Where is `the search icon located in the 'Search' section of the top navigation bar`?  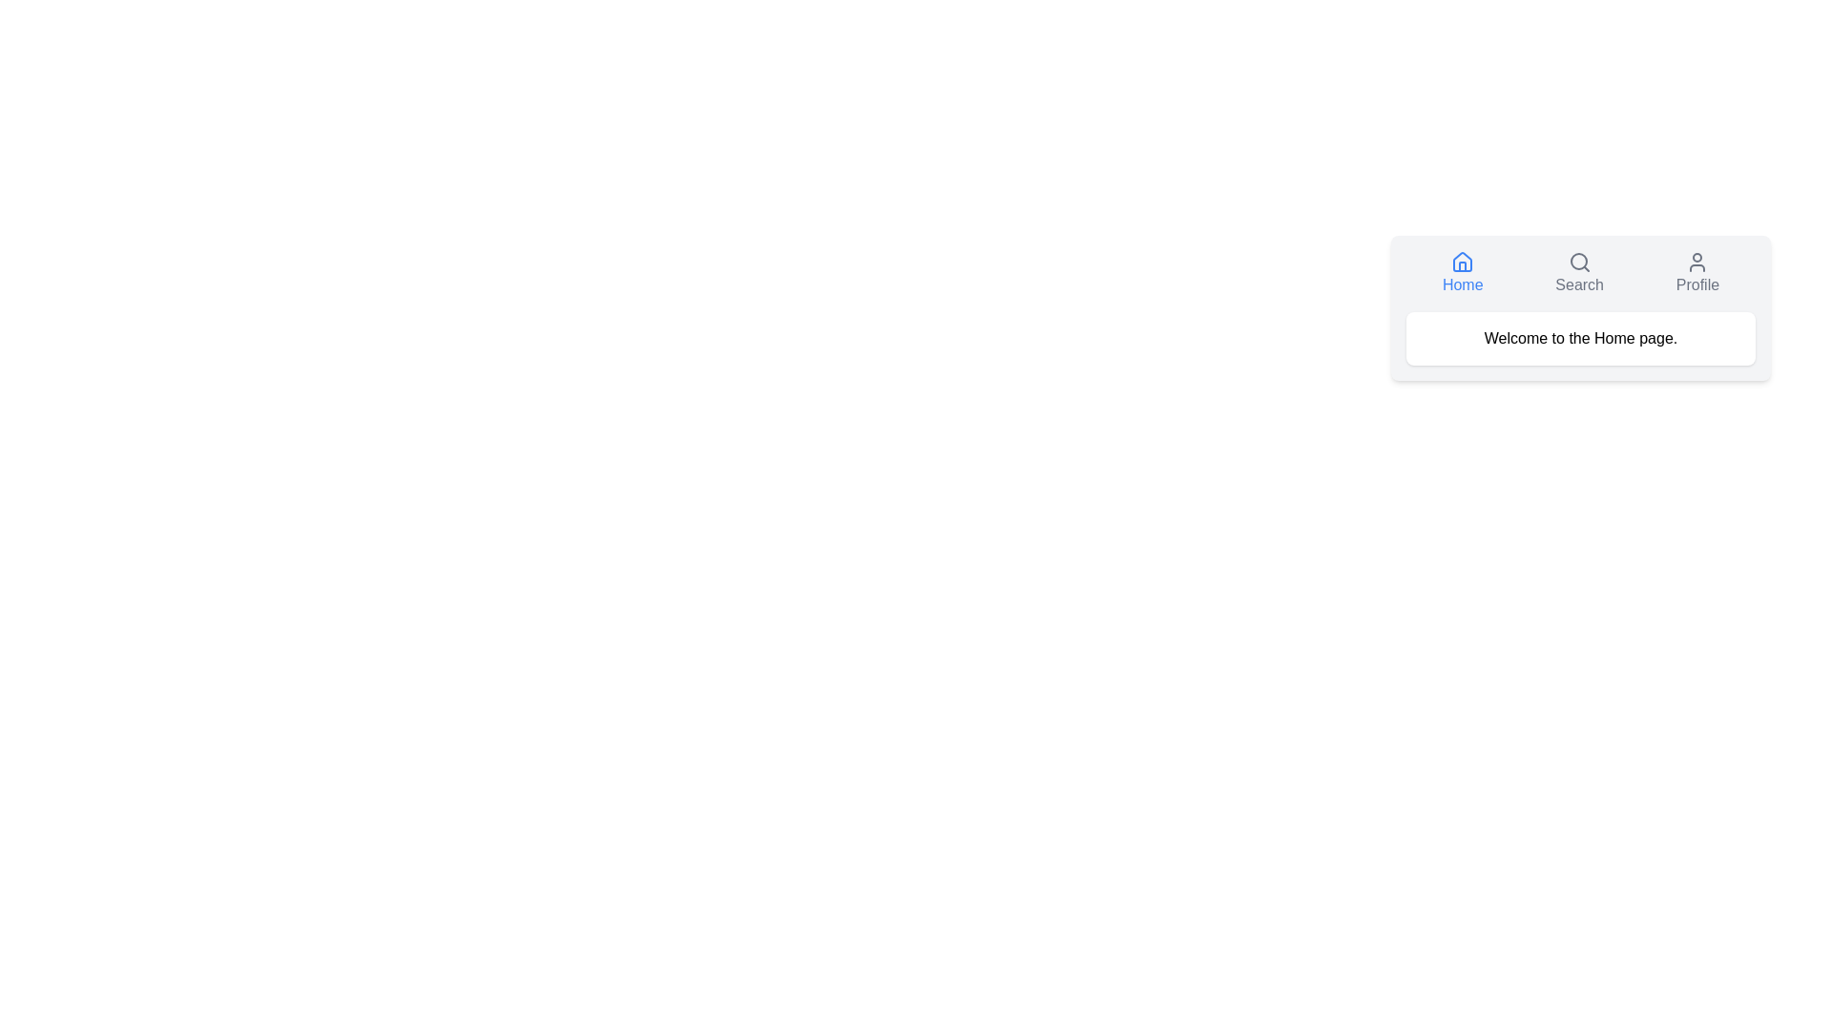 the search icon located in the 'Search' section of the top navigation bar is located at coordinates (1579, 262).